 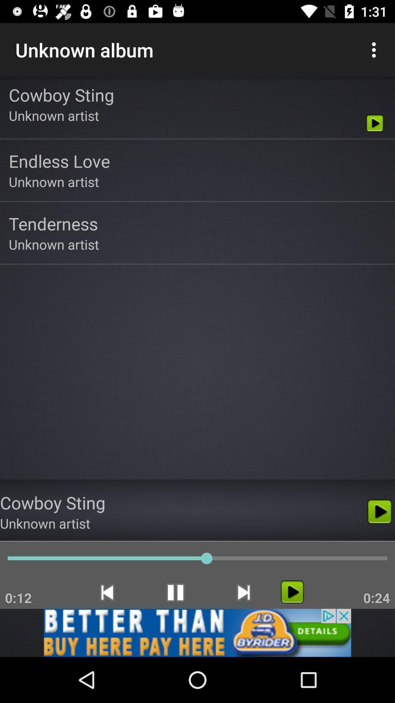 What do you see at coordinates (292, 592) in the screenshot?
I see `the play icon` at bounding box center [292, 592].